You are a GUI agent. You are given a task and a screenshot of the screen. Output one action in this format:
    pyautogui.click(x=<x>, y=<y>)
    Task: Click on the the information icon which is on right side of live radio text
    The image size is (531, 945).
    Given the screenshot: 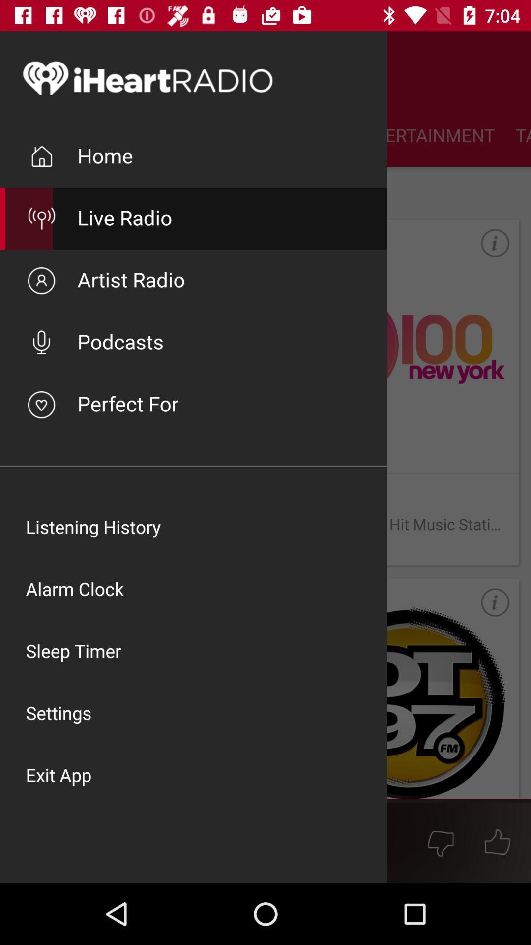 What is the action you would take?
    pyautogui.click(x=485, y=252)
    